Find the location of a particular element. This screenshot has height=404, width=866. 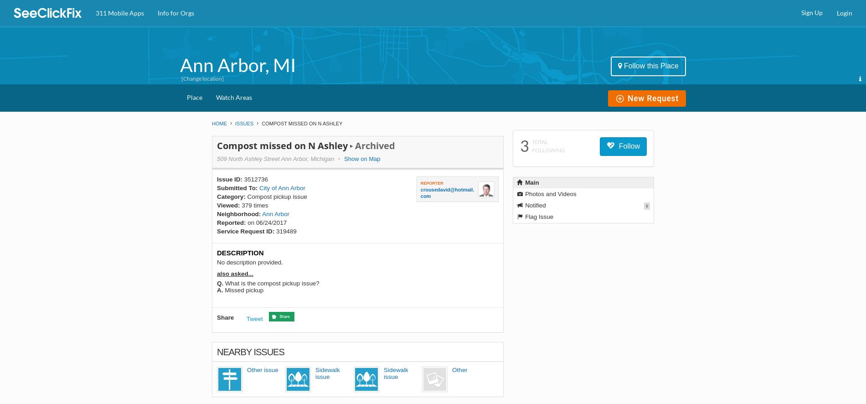

'also asked...' is located at coordinates (216, 273).